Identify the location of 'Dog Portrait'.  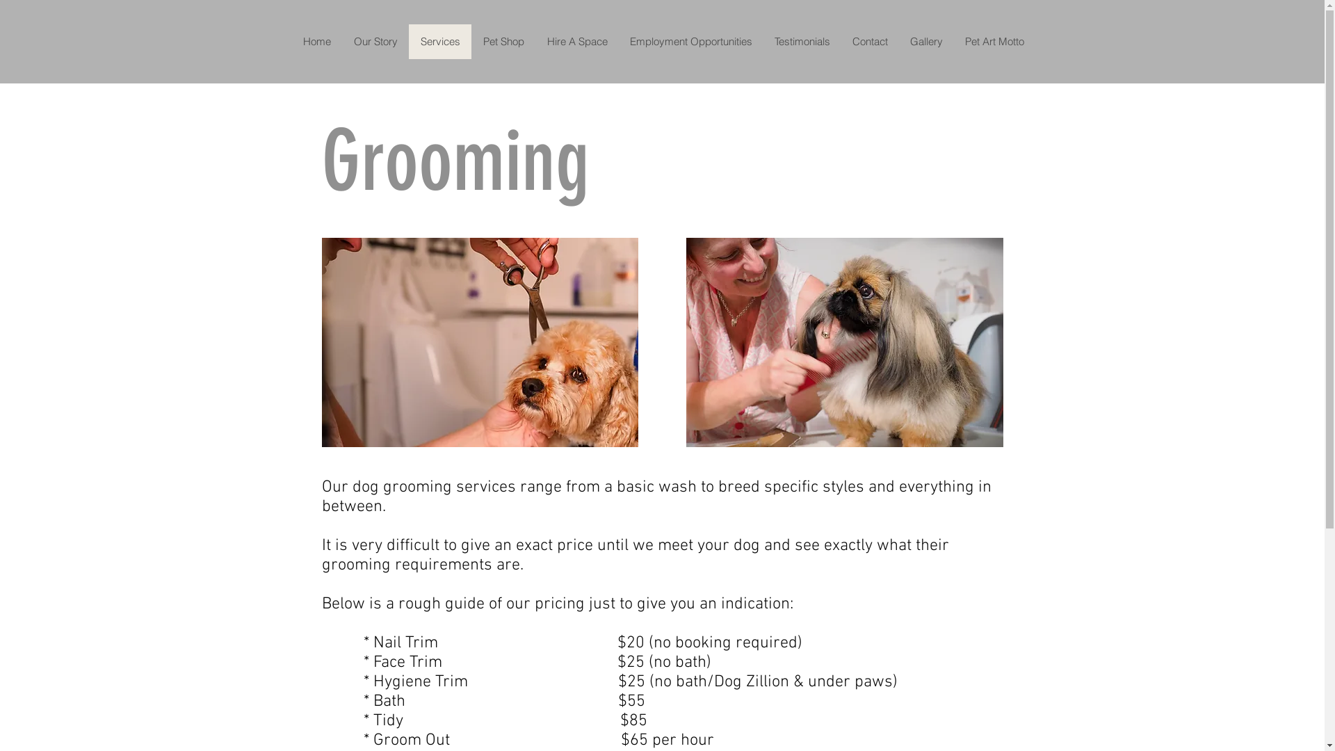
(479, 342).